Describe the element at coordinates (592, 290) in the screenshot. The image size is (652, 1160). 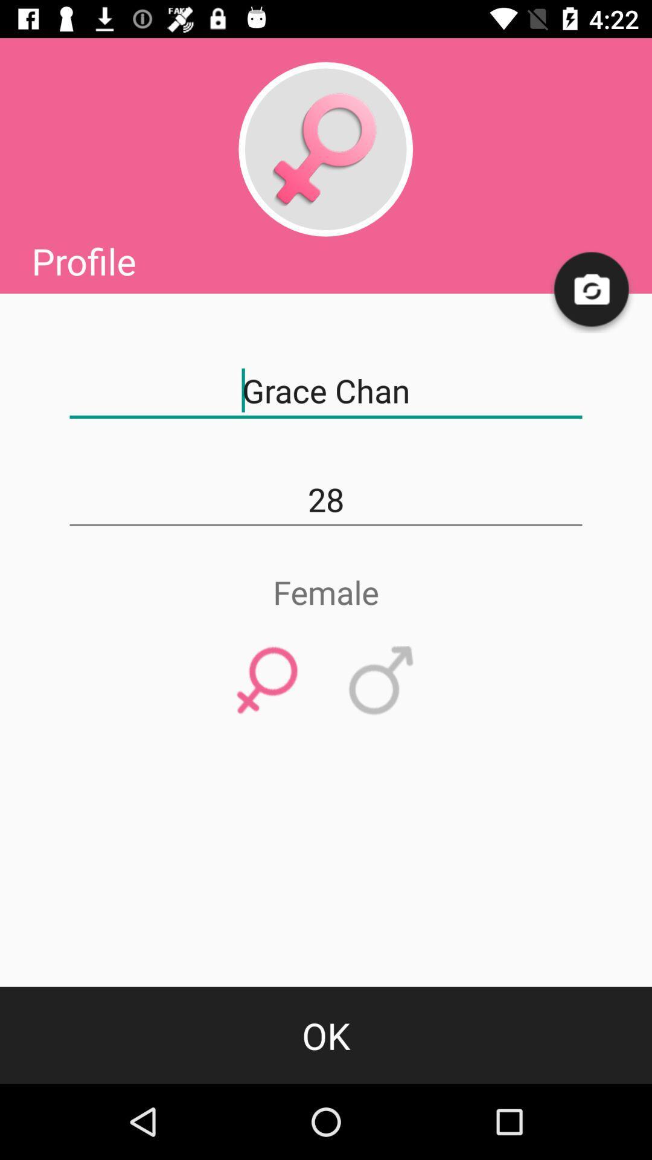
I see `the icon at the top right corner` at that location.